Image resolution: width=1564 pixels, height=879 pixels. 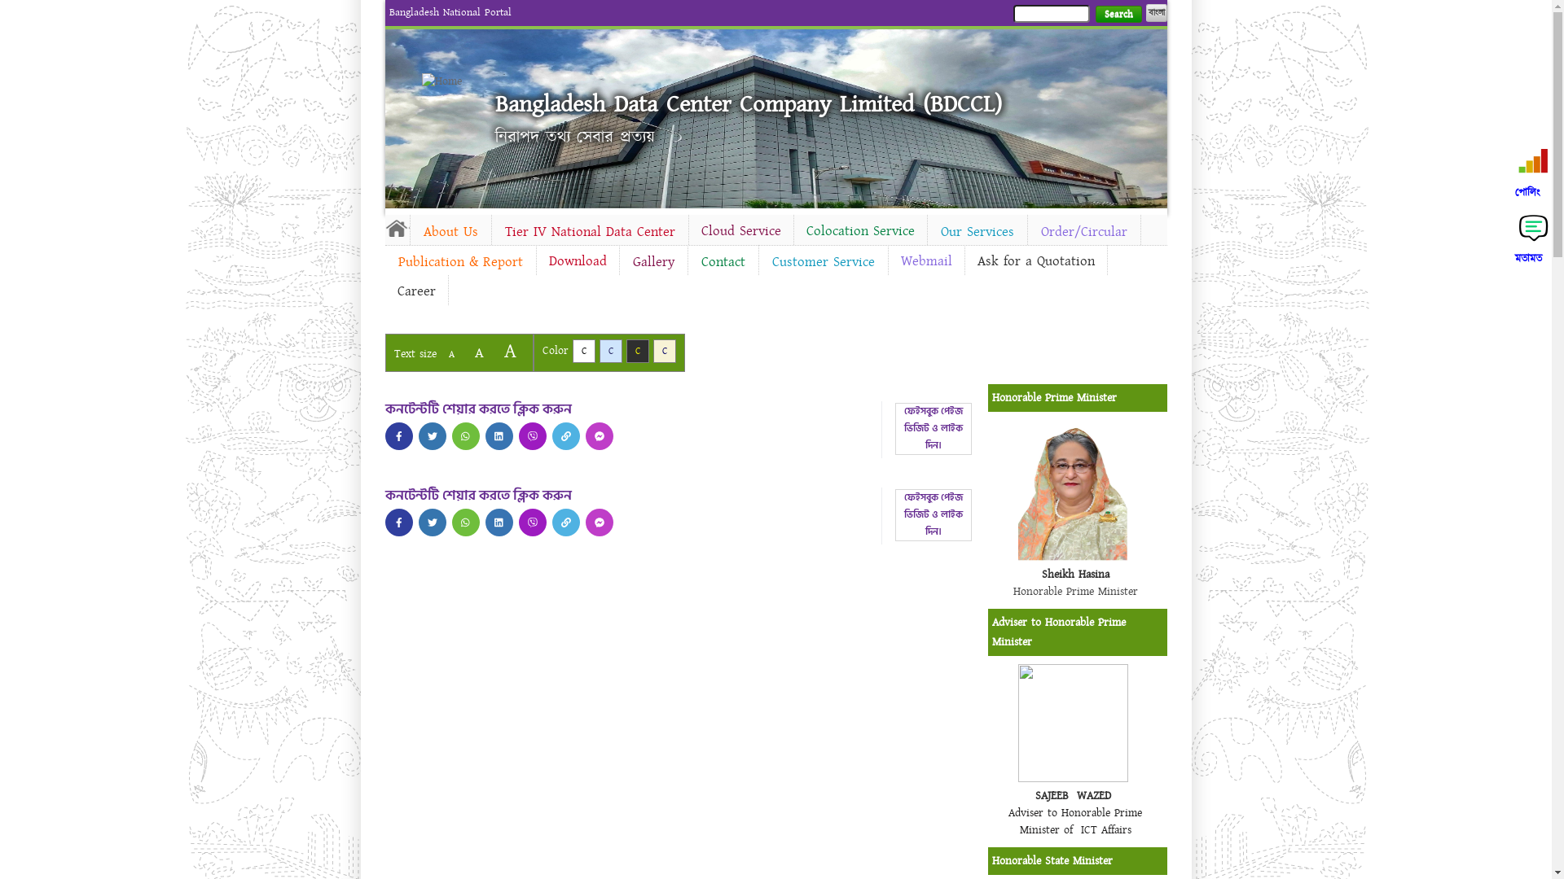 I want to click on 'C', so click(x=636, y=350).